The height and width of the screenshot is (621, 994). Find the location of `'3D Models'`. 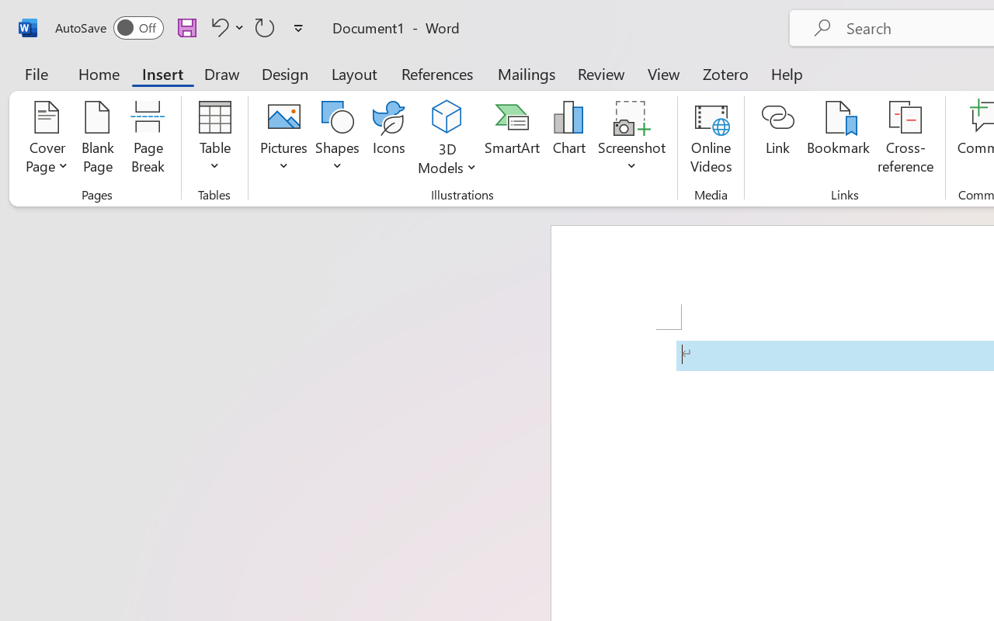

'3D Models' is located at coordinates (447, 139).